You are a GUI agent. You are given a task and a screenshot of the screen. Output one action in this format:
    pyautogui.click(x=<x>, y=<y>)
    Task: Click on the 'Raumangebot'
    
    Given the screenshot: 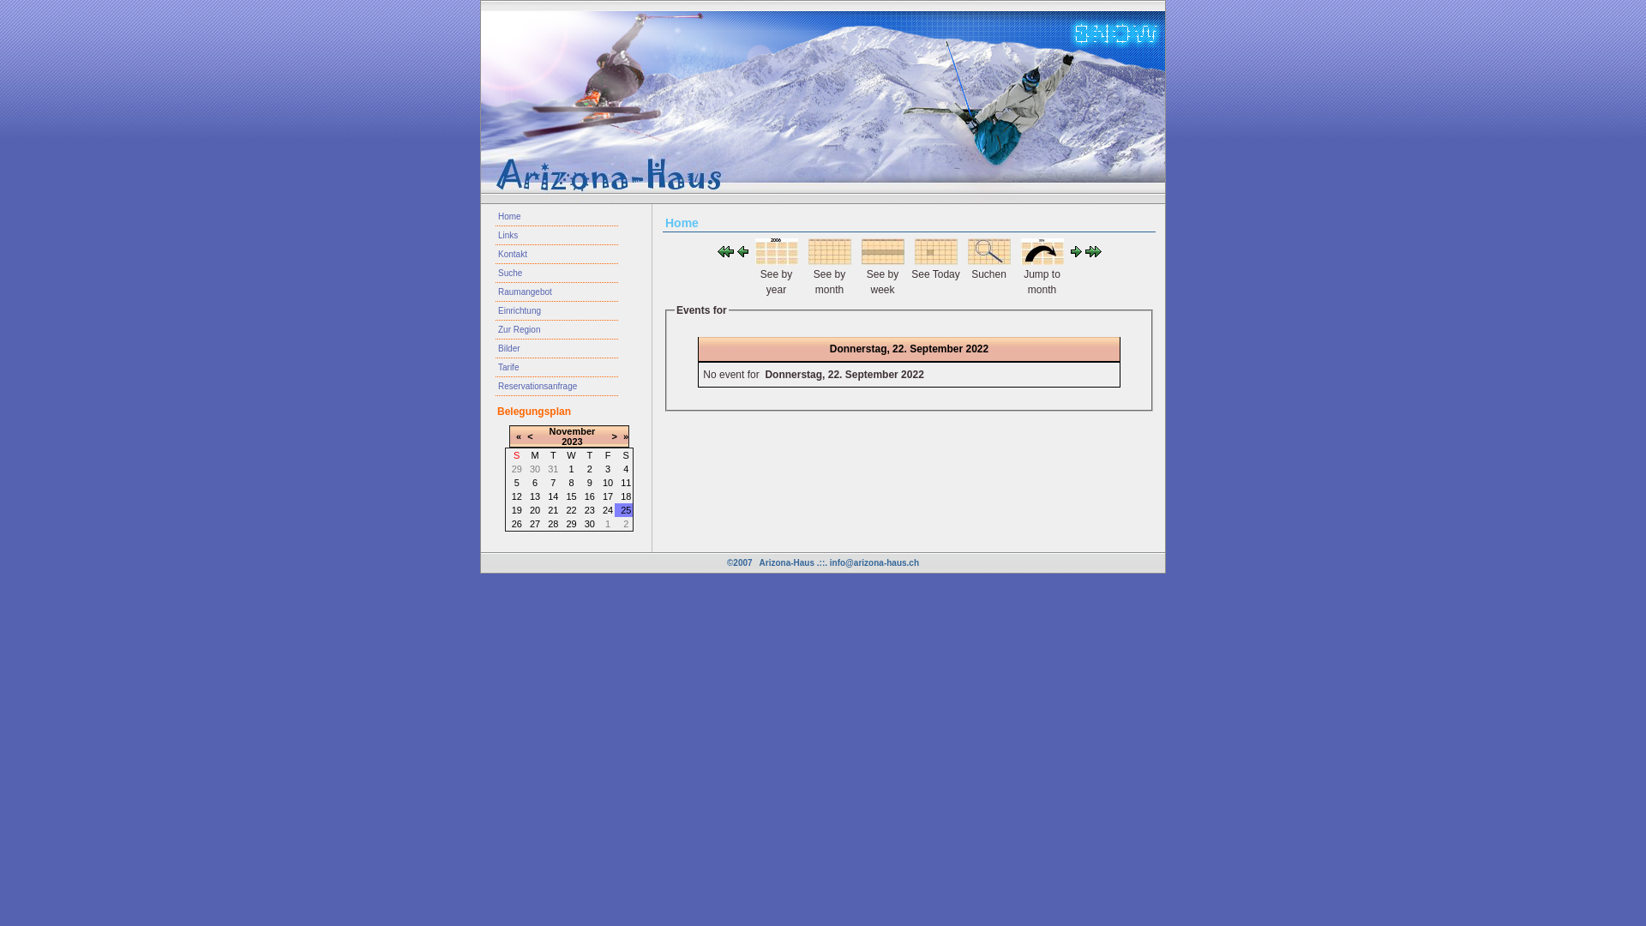 What is the action you would take?
    pyautogui.click(x=556, y=291)
    